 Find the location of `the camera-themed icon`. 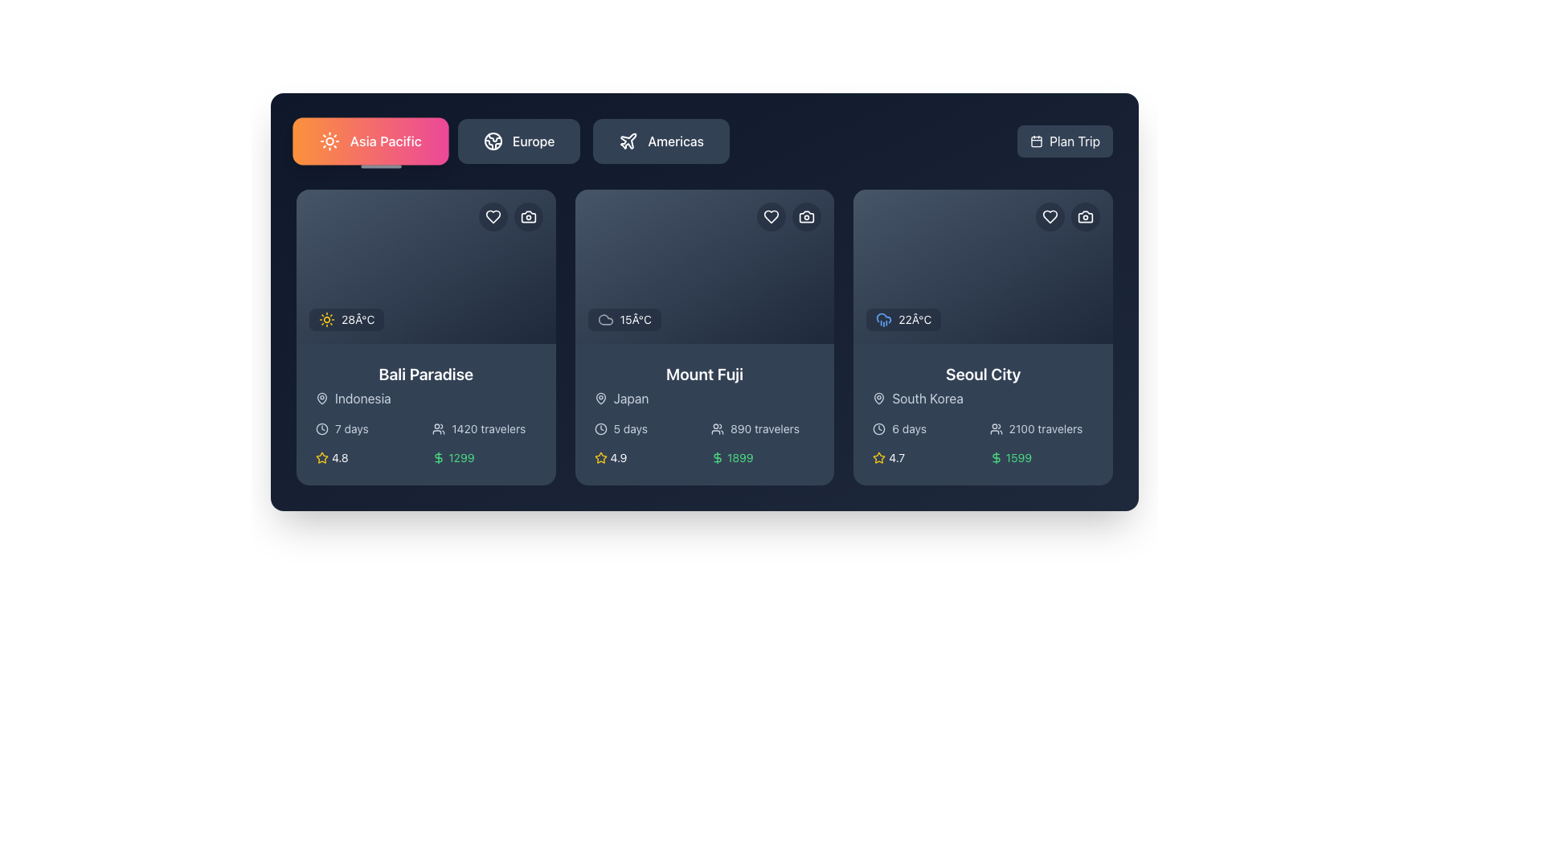

the camera-themed icon is located at coordinates (806, 217).